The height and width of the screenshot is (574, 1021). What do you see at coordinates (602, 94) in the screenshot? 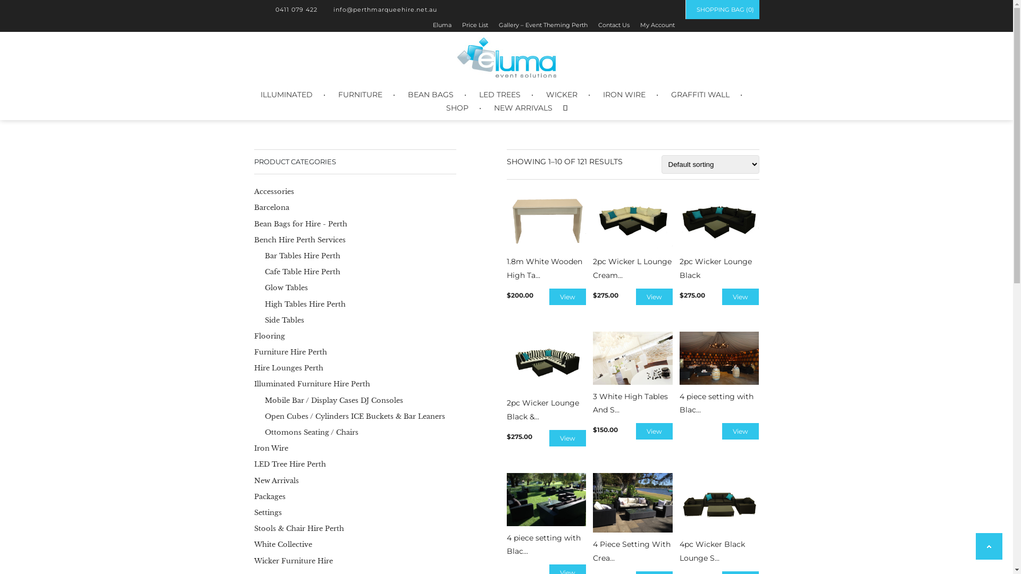
I see `'IRON WIRE'` at bounding box center [602, 94].